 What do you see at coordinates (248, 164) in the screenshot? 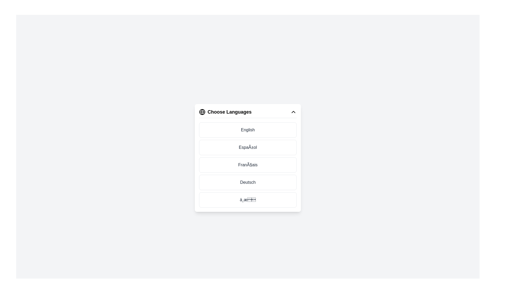
I see `the button representing the language option 'Français'` at bounding box center [248, 164].